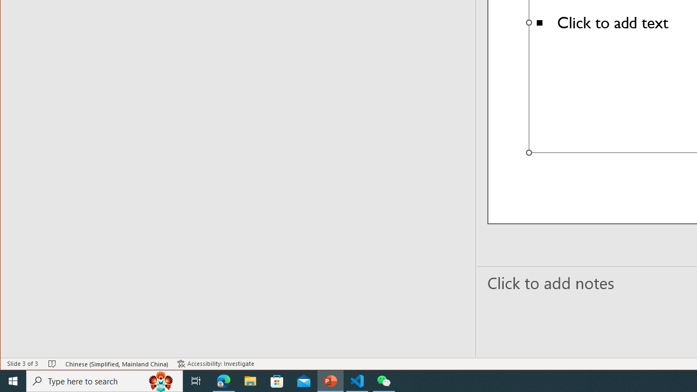 The image size is (697, 392). I want to click on 'Microsoft Store', so click(277, 380).